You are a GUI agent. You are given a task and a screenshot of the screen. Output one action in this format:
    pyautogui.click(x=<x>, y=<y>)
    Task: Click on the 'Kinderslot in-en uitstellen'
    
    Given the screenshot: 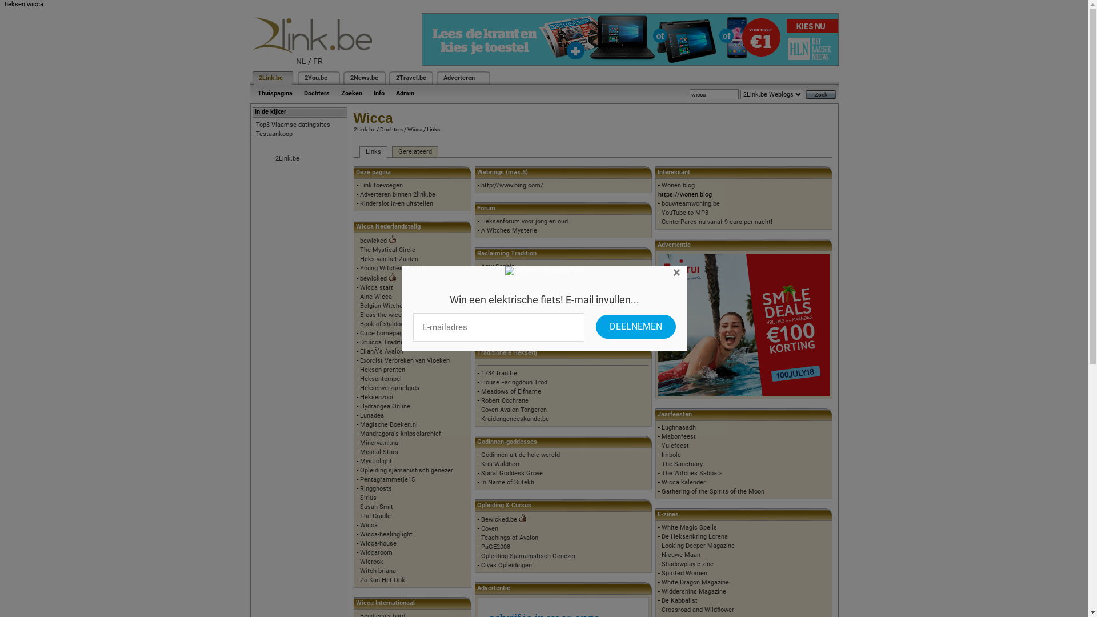 What is the action you would take?
    pyautogui.click(x=397, y=203)
    